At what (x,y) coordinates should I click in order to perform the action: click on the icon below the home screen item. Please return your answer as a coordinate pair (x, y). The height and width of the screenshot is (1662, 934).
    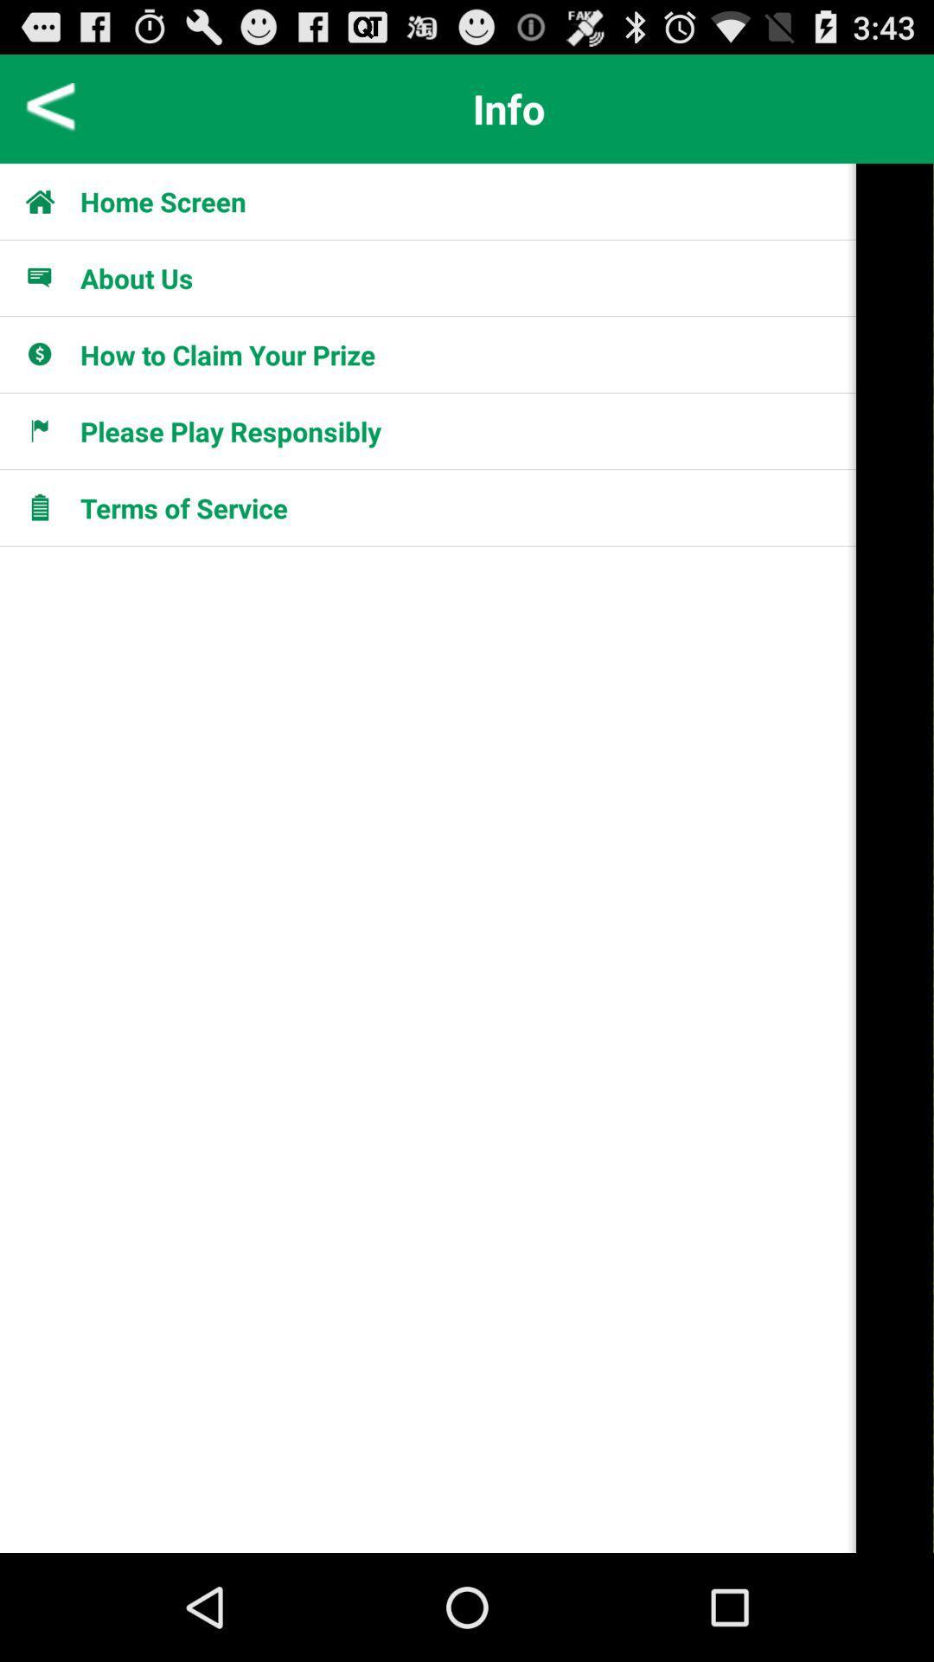
    Looking at the image, I should click on (48, 278).